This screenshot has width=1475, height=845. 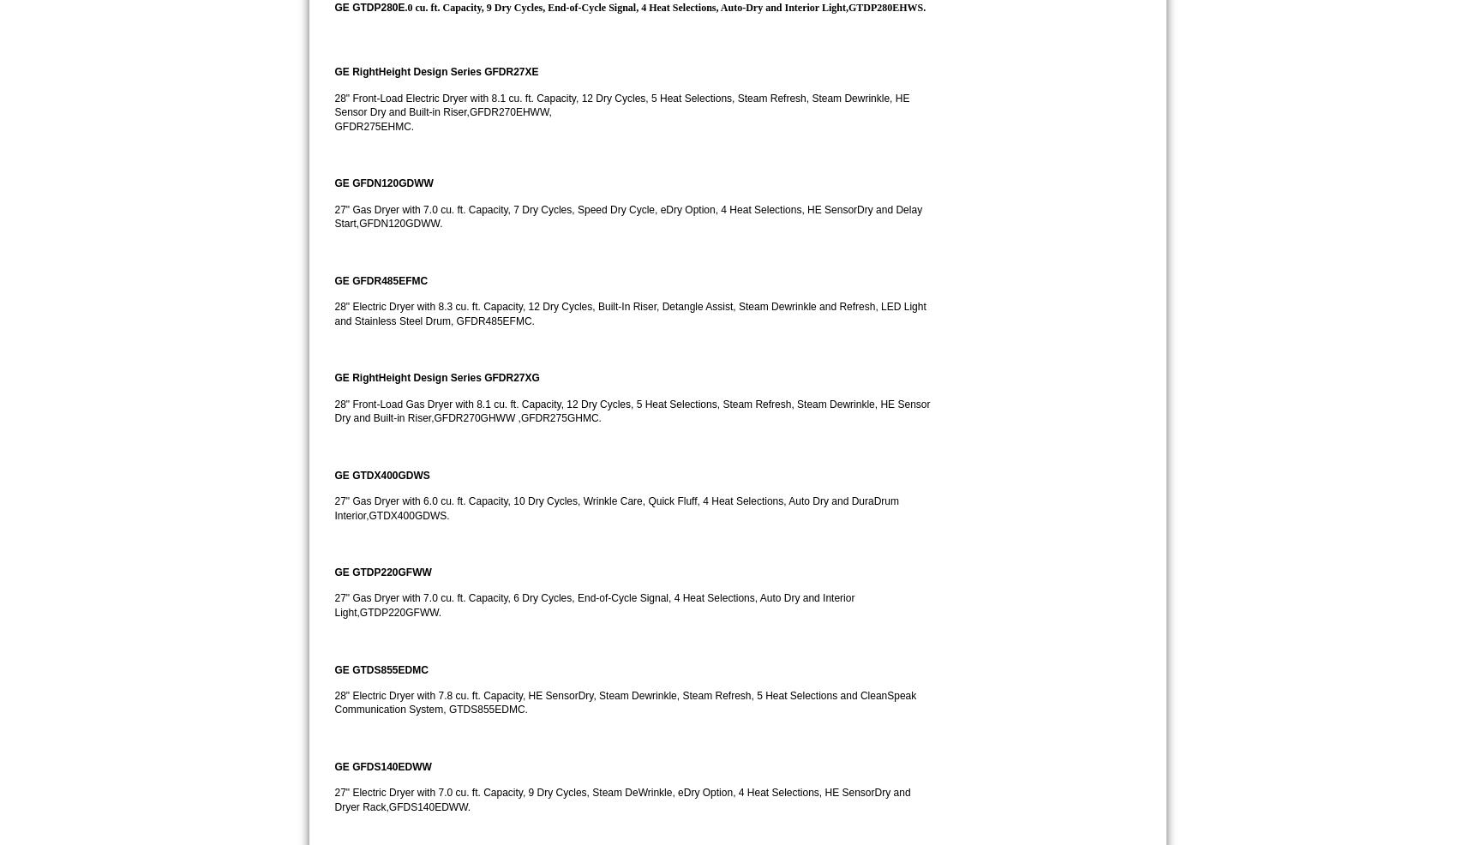 What do you see at coordinates (1097, 180) in the screenshot?
I see `'92197'` at bounding box center [1097, 180].